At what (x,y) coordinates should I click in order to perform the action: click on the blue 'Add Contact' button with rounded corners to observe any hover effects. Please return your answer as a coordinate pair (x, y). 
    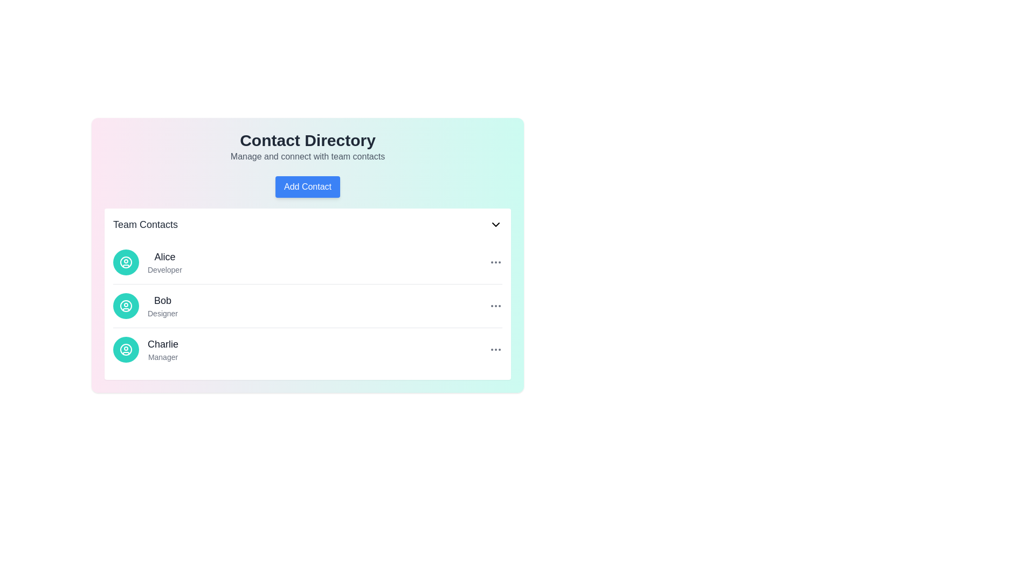
    Looking at the image, I should click on (307, 186).